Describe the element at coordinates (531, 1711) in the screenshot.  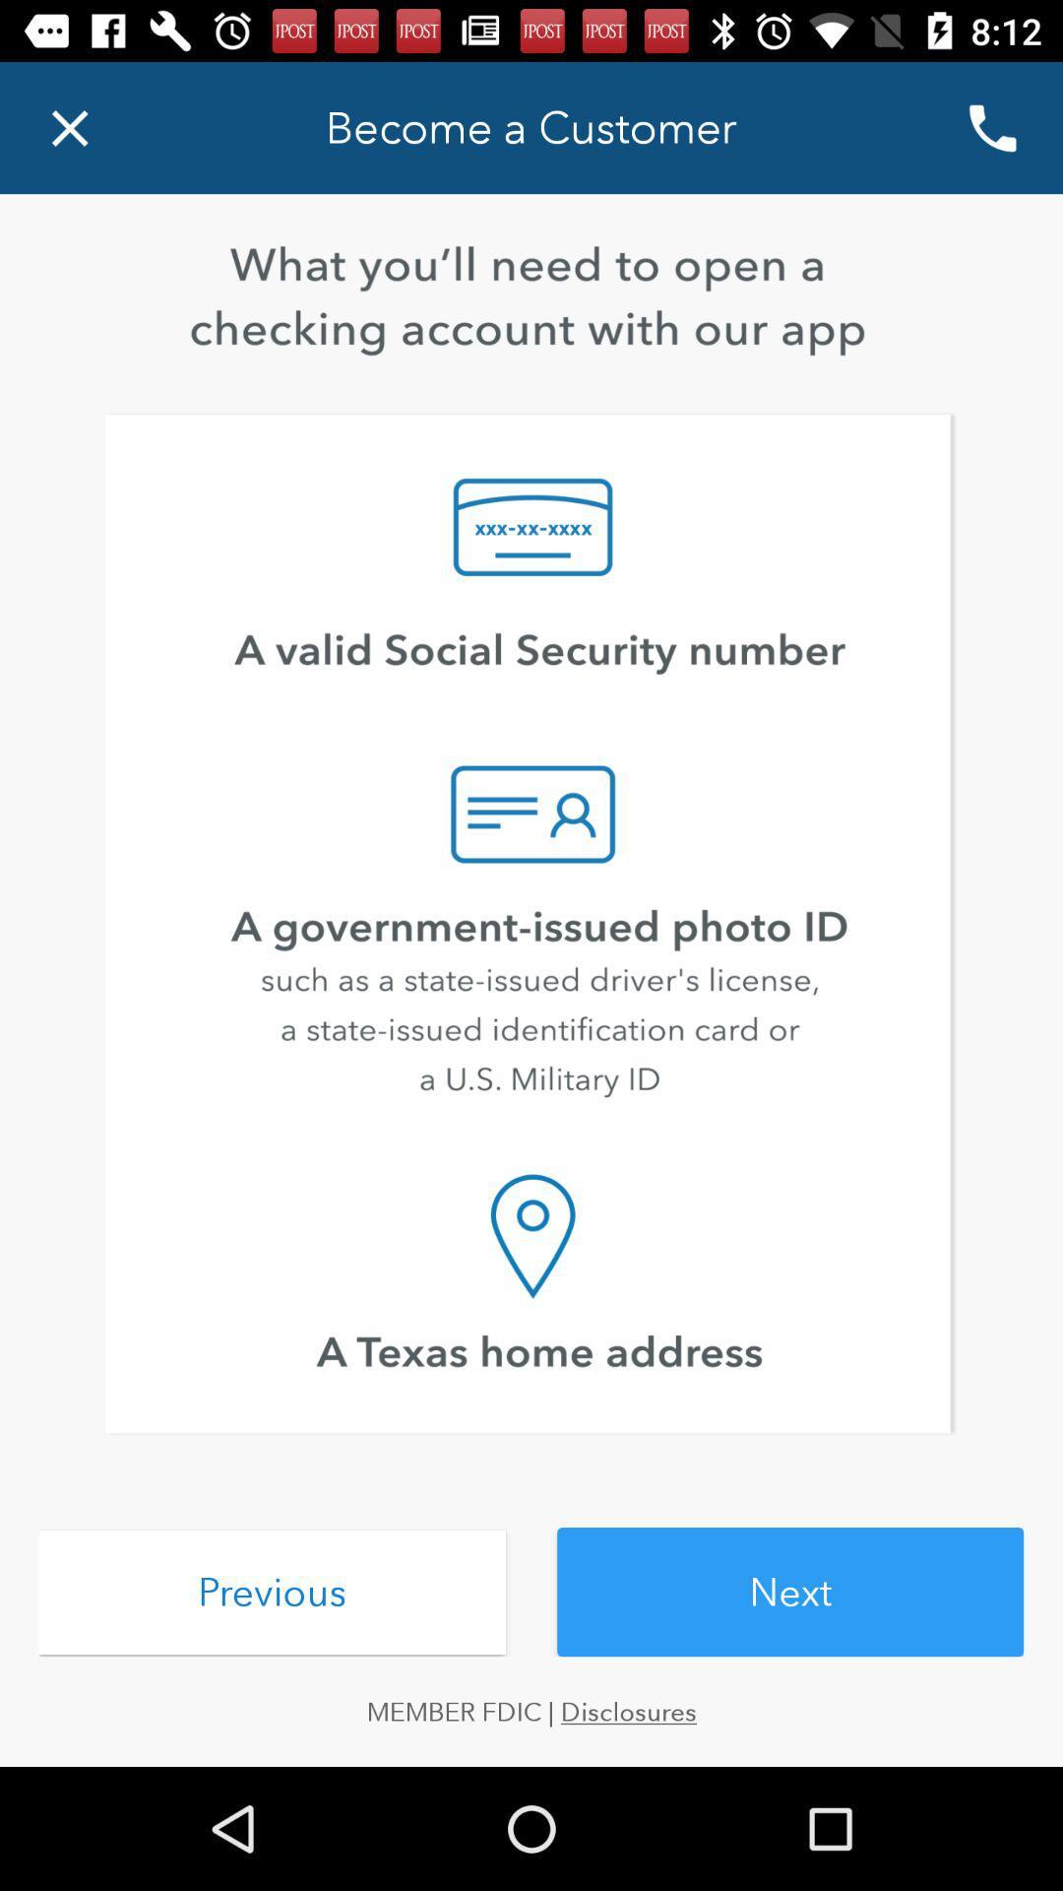
I see `member fdic | disclosures` at that location.